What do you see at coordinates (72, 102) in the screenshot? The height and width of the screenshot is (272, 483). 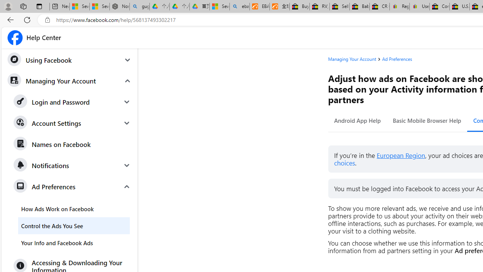 I see `'Login and Password Expand'` at bounding box center [72, 102].